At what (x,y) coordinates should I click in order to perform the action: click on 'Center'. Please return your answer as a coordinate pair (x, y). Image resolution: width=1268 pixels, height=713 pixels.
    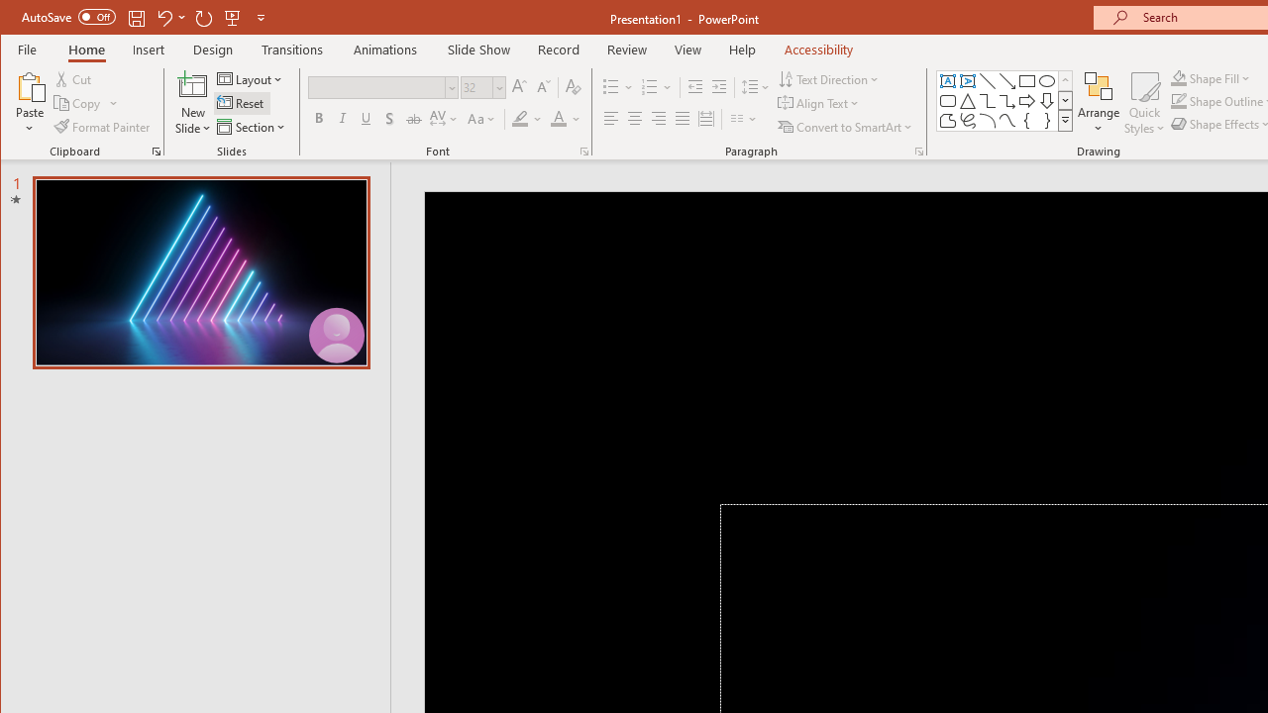
    Looking at the image, I should click on (634, 119).